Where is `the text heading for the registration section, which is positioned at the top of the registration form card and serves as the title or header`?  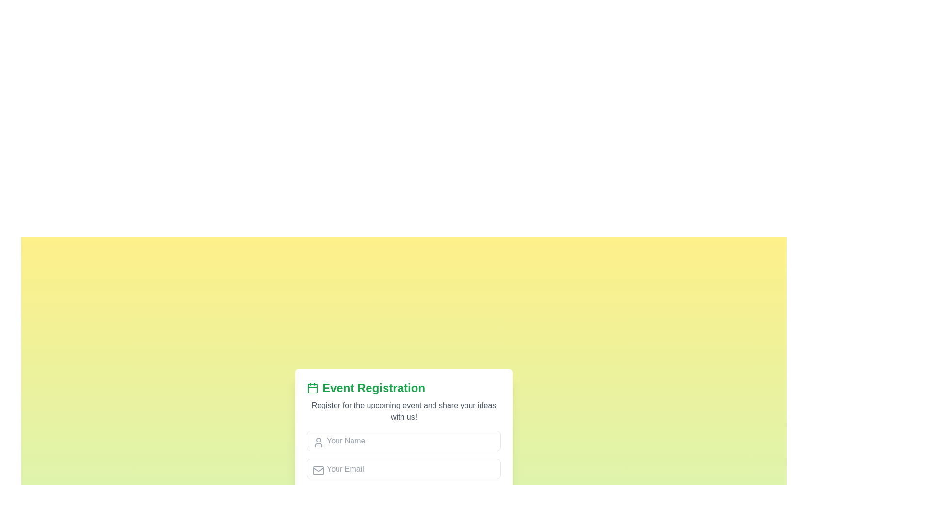
the text heading for the registration section, which is positioned at the top of the registration form card and serves as the title or header is located at coordinates (404, 387).